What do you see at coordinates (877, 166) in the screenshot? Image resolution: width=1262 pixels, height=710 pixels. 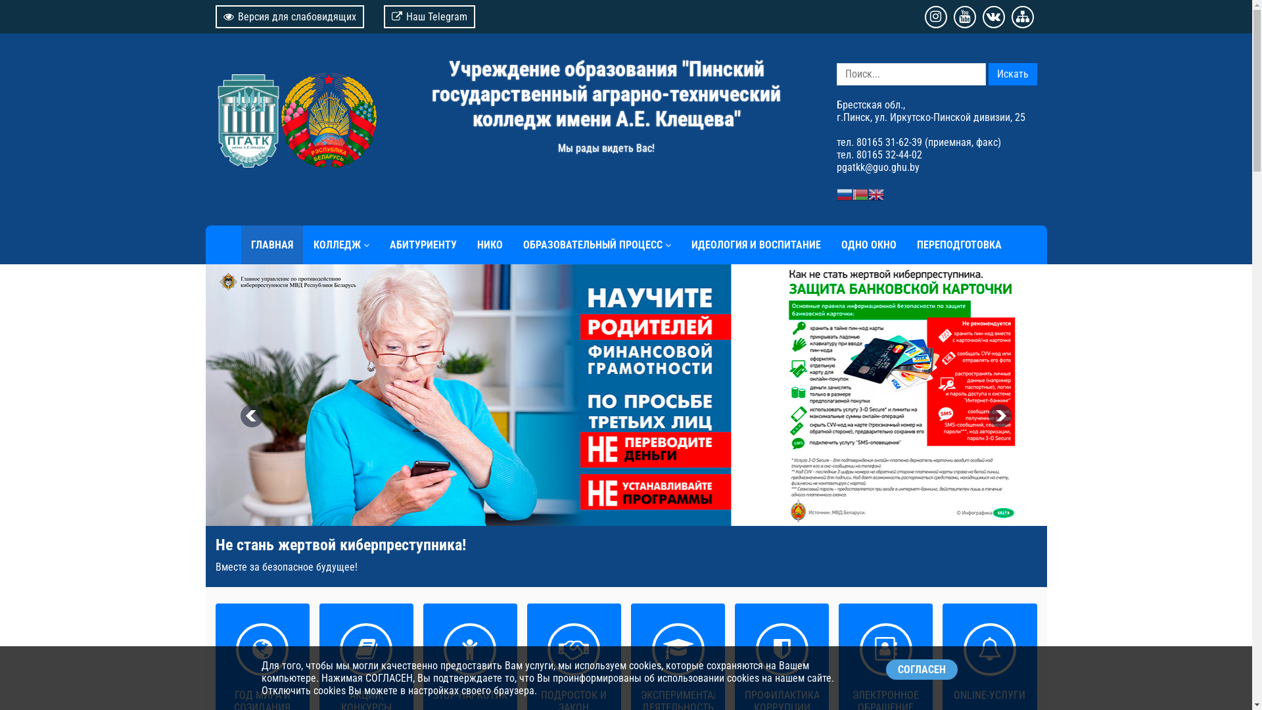 I see `'pgatkk@guo.ghu.by'` at bounding box center [877, 166].